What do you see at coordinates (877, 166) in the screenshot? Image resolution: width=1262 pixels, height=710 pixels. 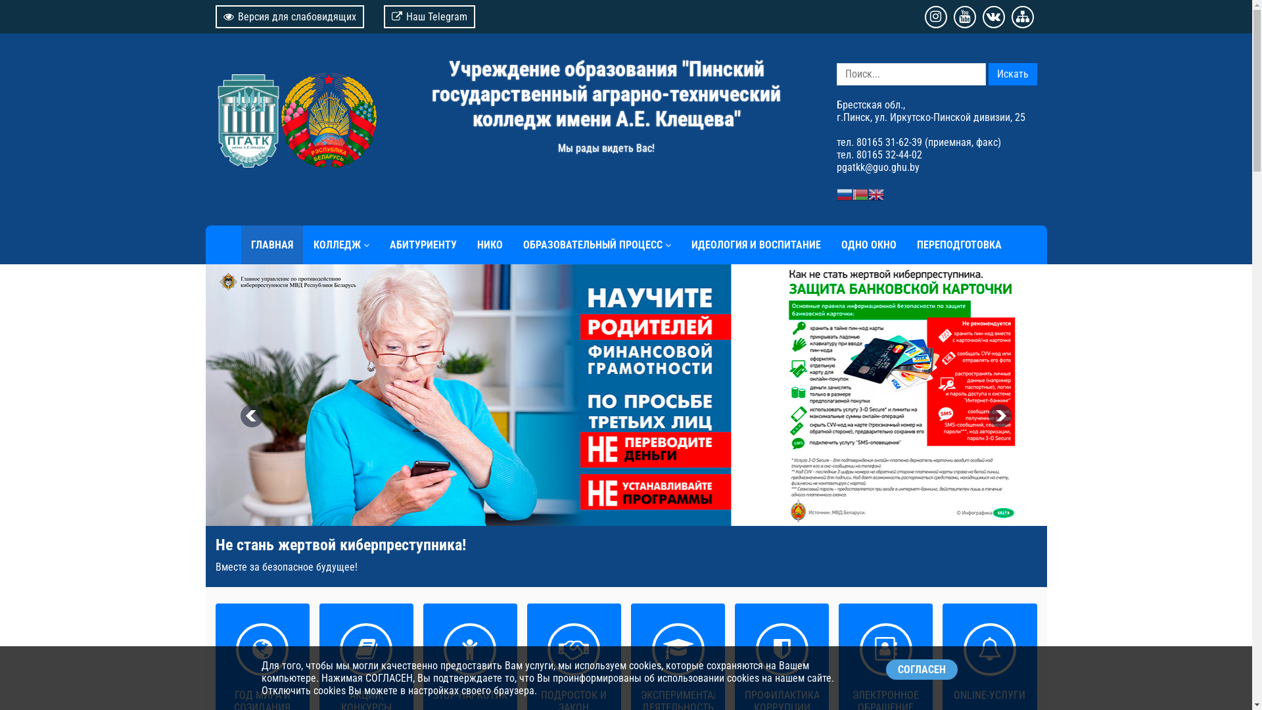 I see `'pgatkk@guo.ghu.by'` at bounding box center [877, 166].